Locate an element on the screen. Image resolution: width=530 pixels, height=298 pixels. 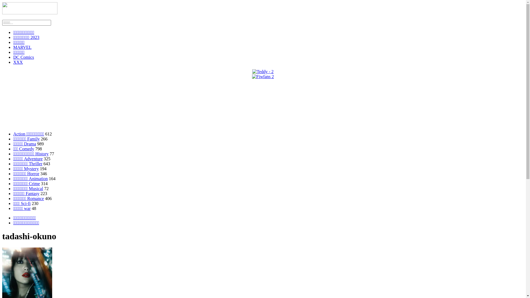
'XXX' is located at coordinates (18, 62).